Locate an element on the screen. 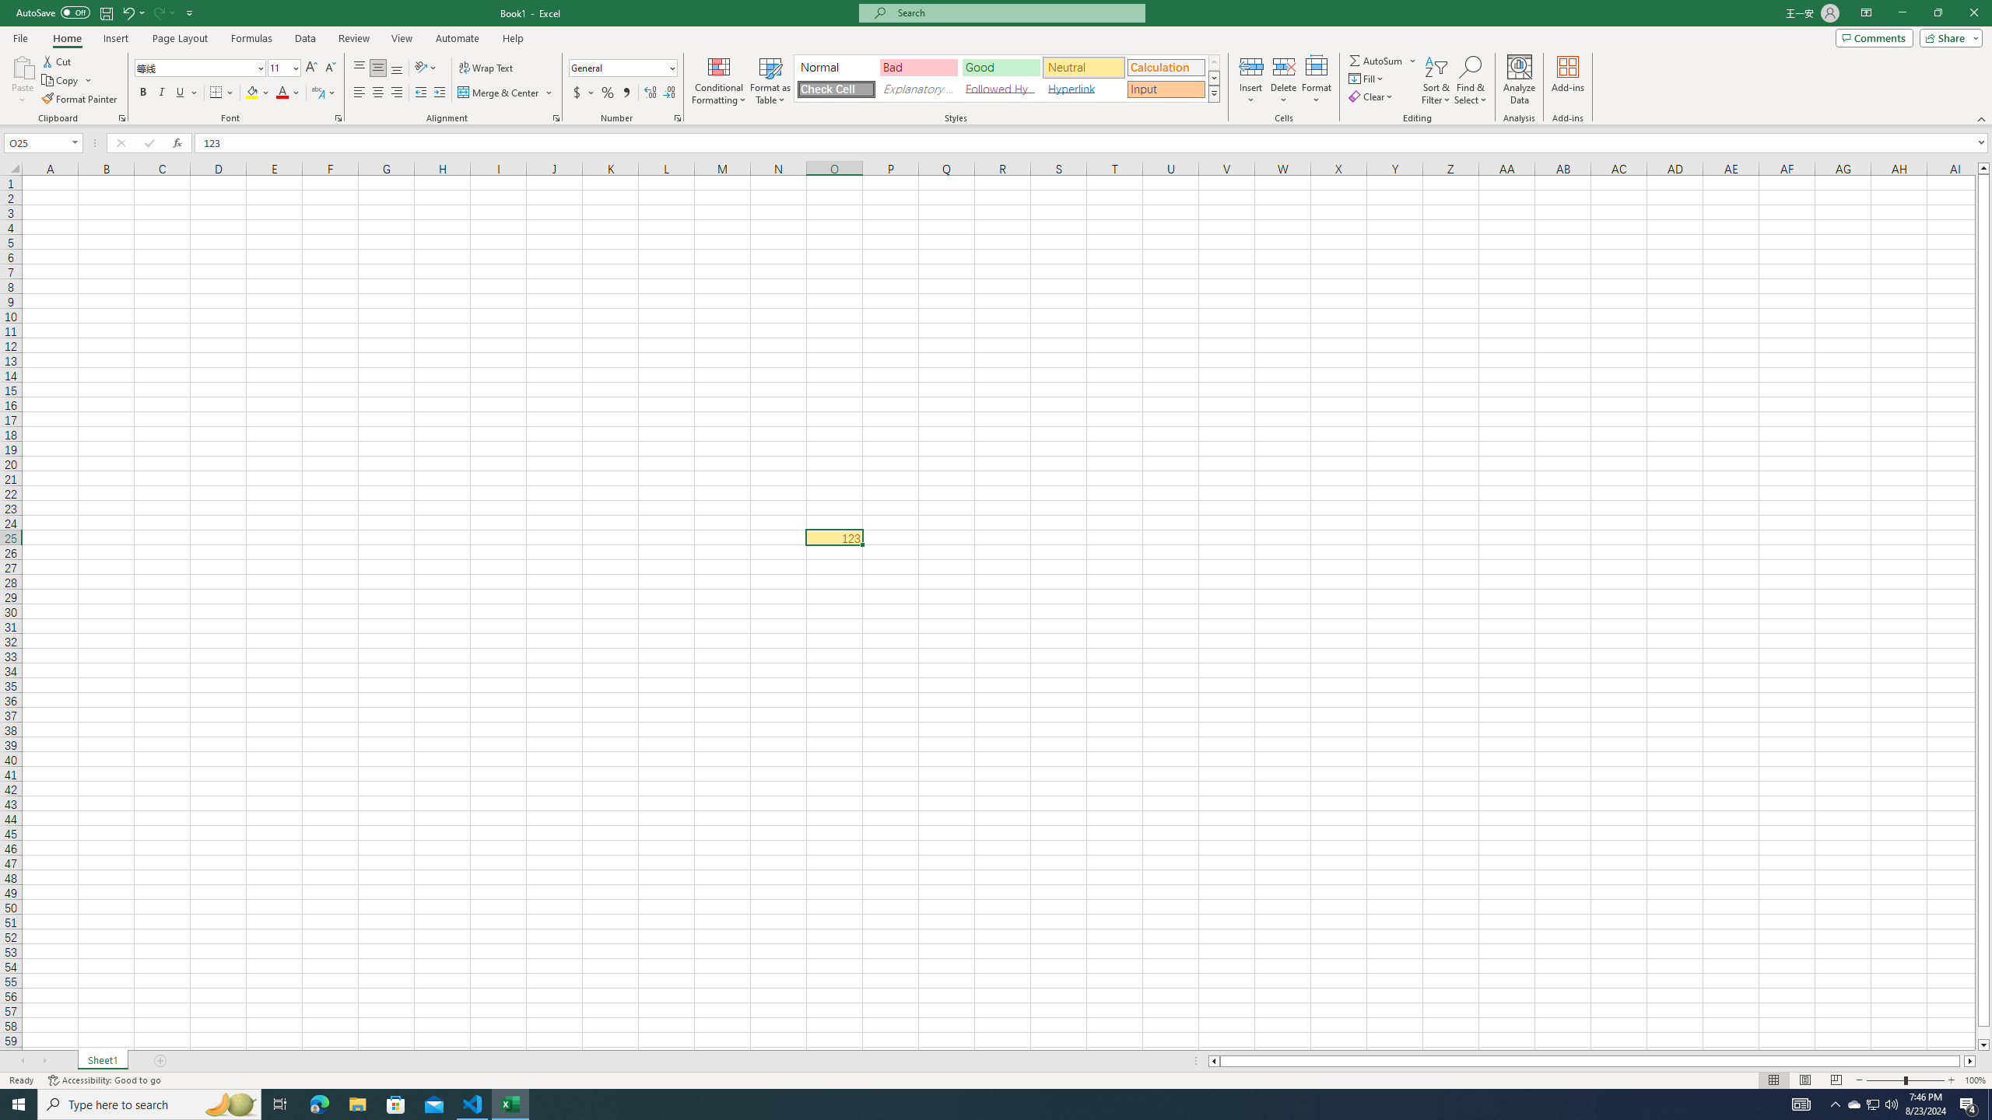 This screenshot has height=1120, width=1992. 'Font Color RGB(255, 0, 0)' is located at coordinates (282, 92).